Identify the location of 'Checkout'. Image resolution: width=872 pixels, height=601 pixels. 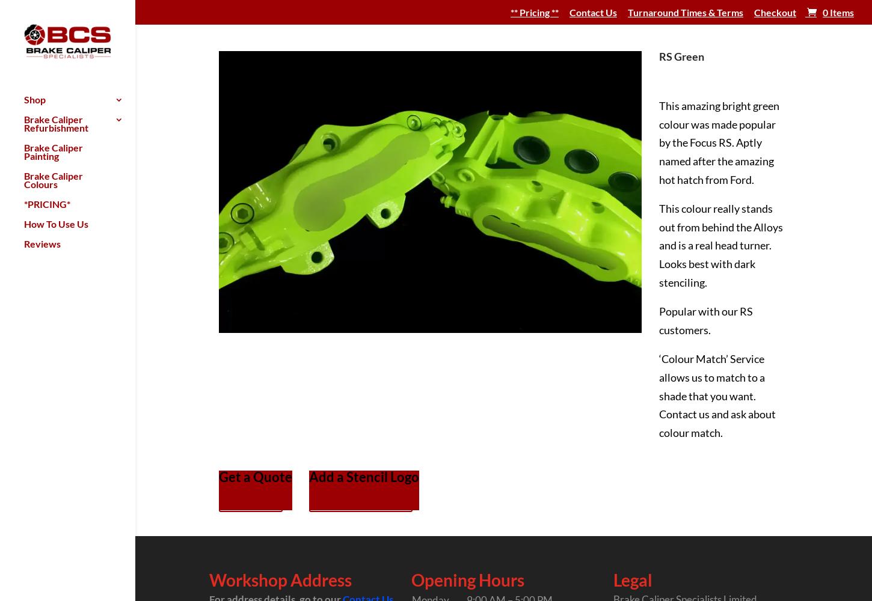
(775, 12).